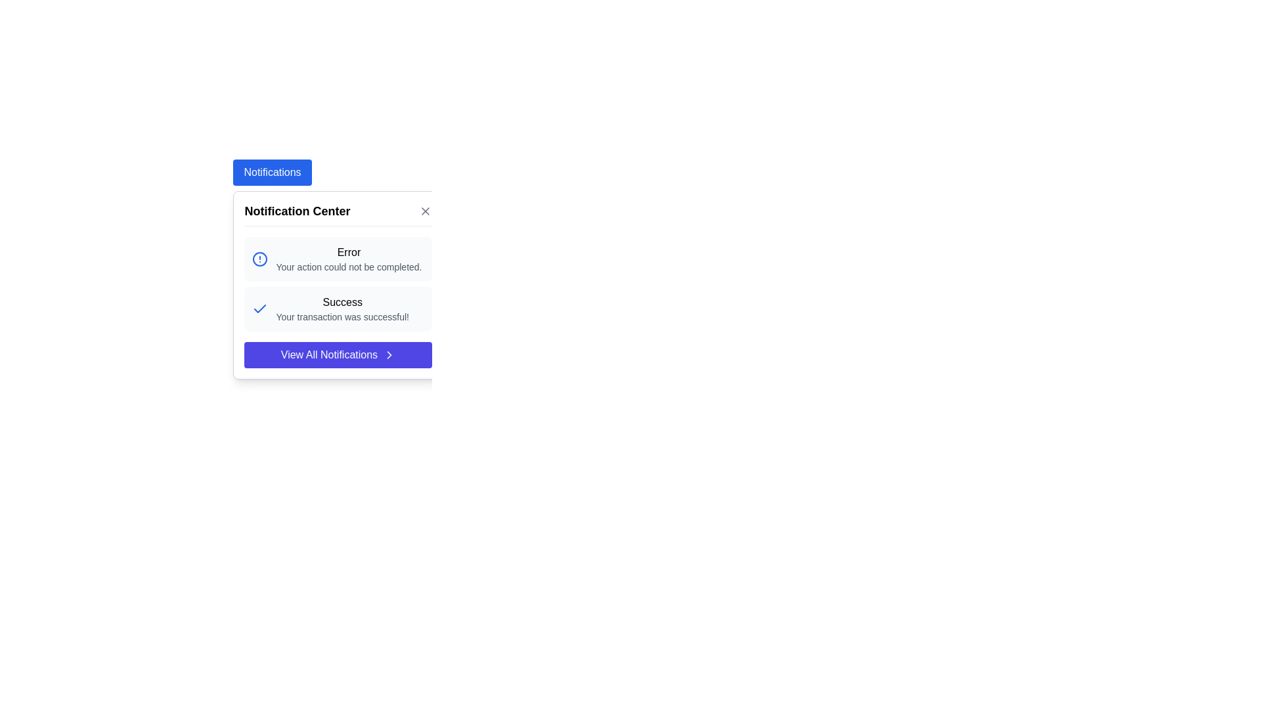 This screenshot has height=709, width=1261. What do you see at coordinates (389, 354) in the screenshot?
I see `the right-facing chevron icon within the 'View All Notifications' button located at the bottom of the notification panel` at bounding box center [389, 354].